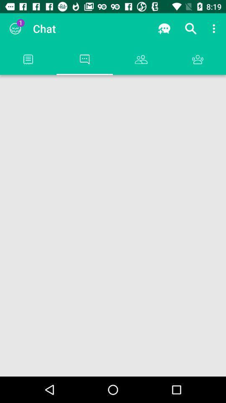 The height and width of the screenshot is (403, 226). Describe the element at coordinates (15, 29) in the screenshot. I see `item to the left of chat` at that location.